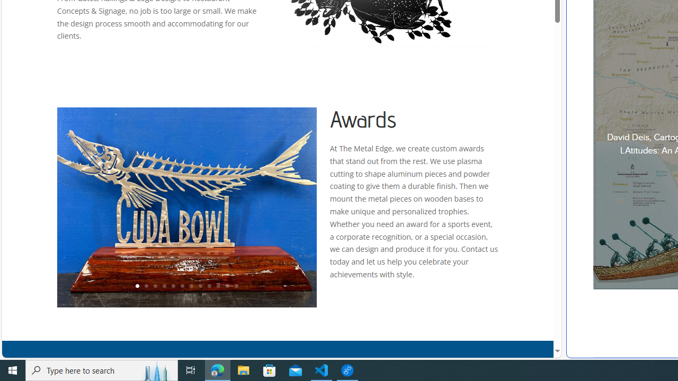  I want to click on '9', so click(209, 286).